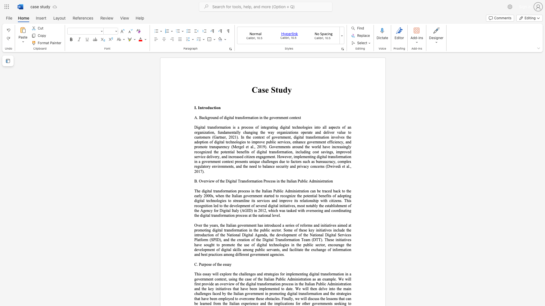  Describe the element at coordinates (261, 89) in the screenshot. I see `the subset text "se S" within the text "Case Study"` at that location.